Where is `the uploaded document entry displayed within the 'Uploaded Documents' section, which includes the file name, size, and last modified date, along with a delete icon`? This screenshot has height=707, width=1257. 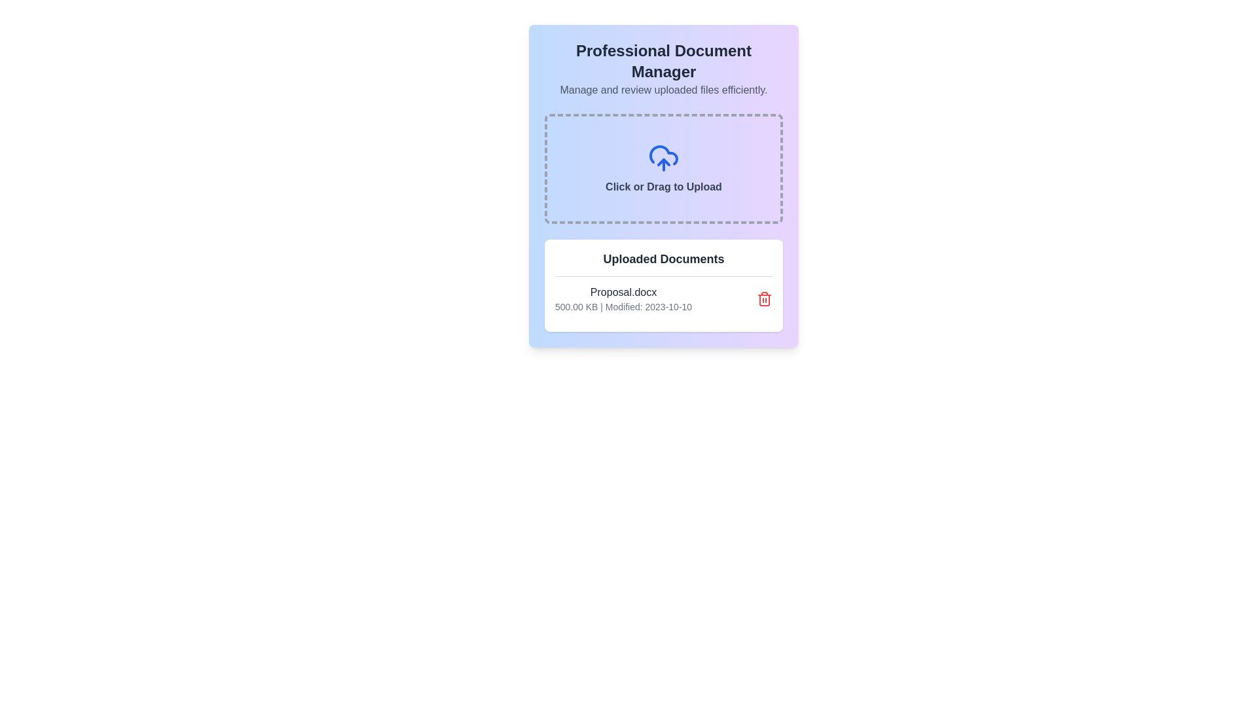 the uploaded document entry displayed within the 'Uploaded Documents' section, which includes the file name, size, and last modified date, along with a delete icon is located at coordinates (663, 299).